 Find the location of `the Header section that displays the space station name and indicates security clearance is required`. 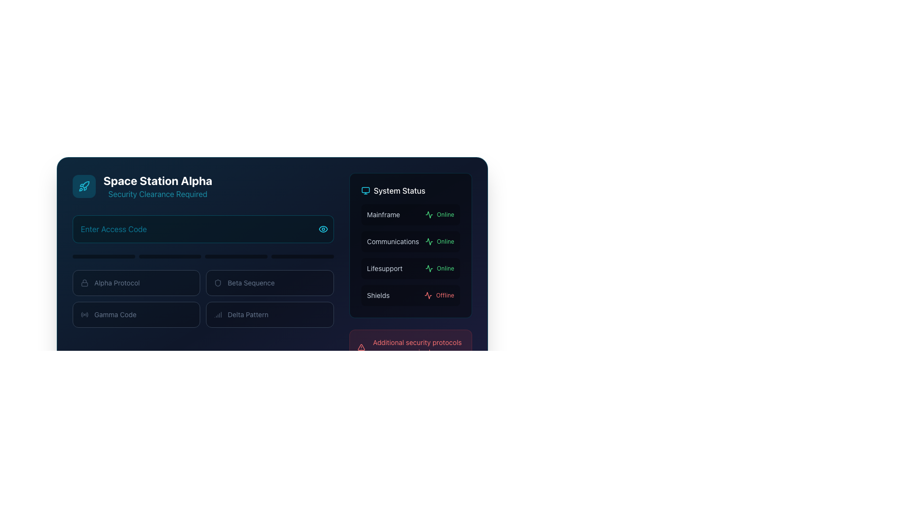

the Header section that displays the space station name and indicates security clearance is required is located at coordinates (203, 186).